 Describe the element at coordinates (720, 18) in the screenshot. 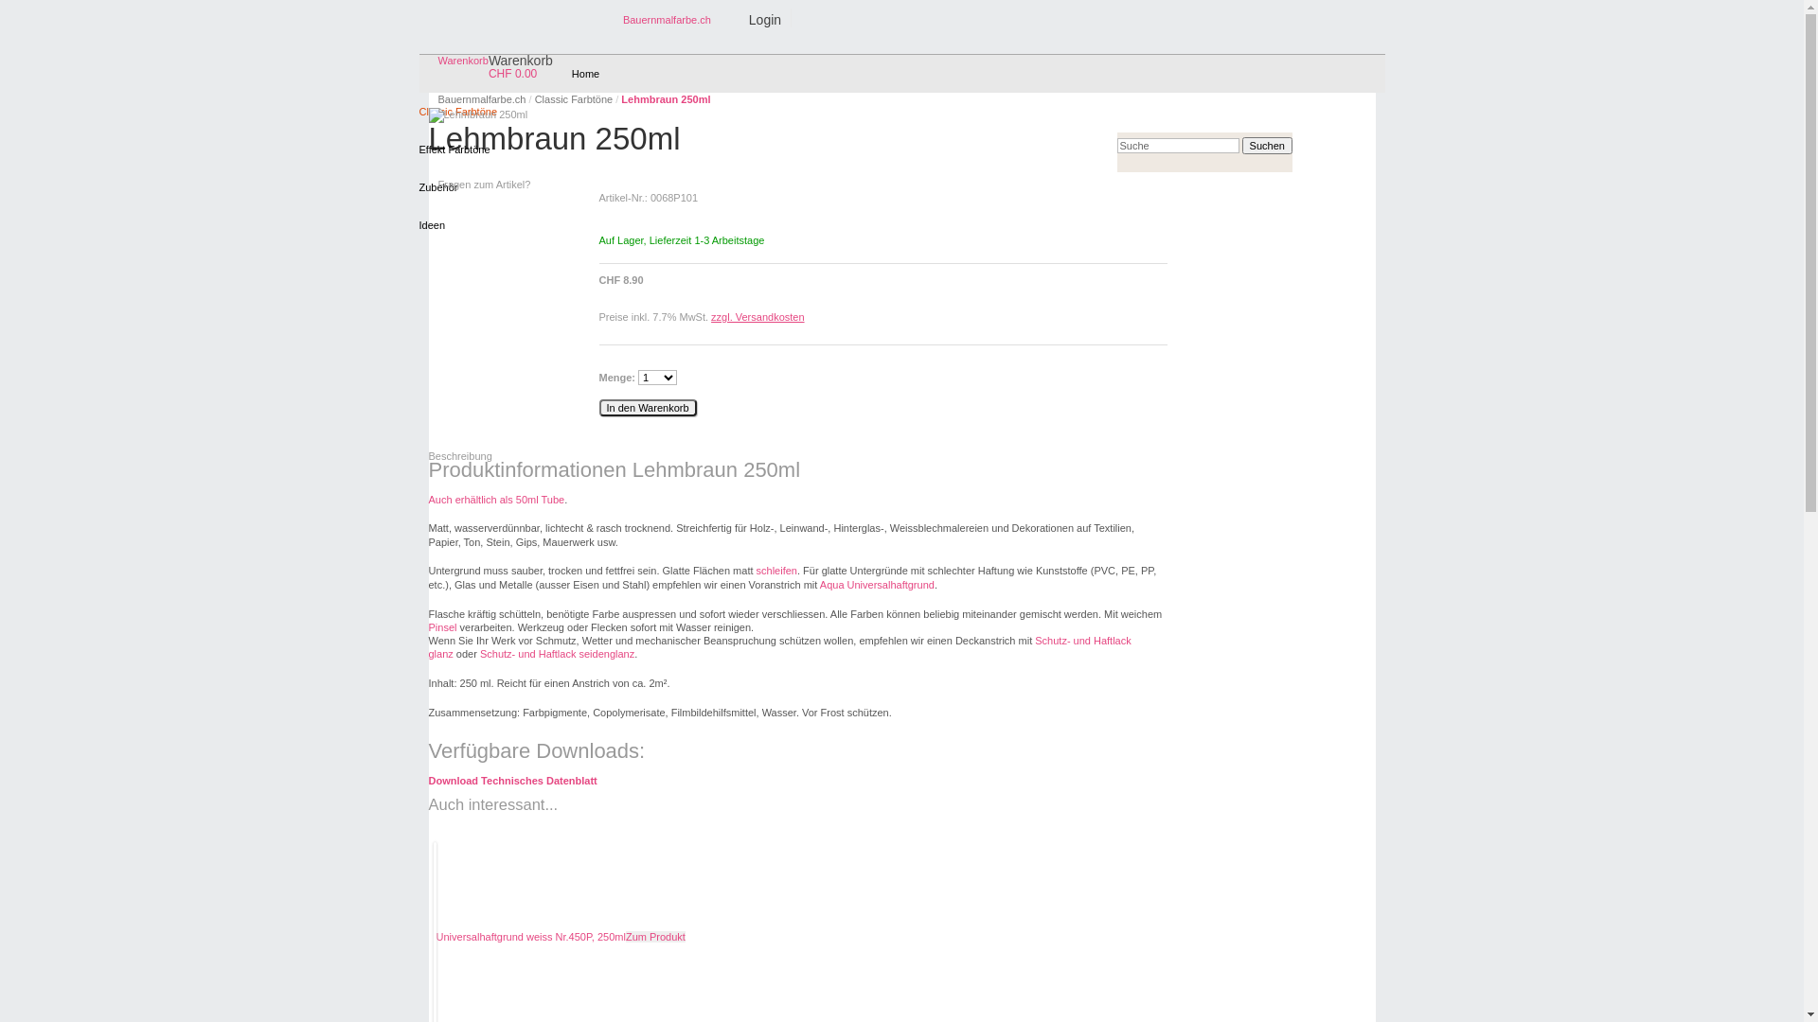

I see `'Login'` at that location.